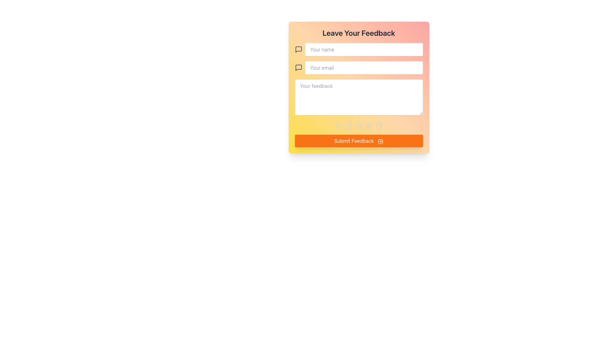 Image resolution: width=603 pixels, height=339 pixels. I want to click on the arrow icon located to the right of the text in the 'Submit Feedback' button, so click(380, 141).